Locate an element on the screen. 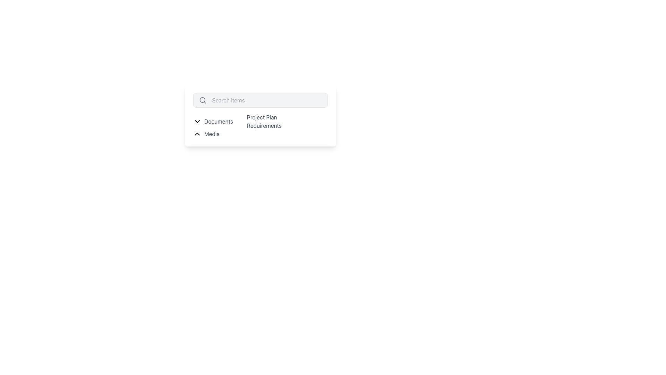 The height and width of the screenshot is (375, 666). the text label in the navigation menu is located at coordinates (212, 134).